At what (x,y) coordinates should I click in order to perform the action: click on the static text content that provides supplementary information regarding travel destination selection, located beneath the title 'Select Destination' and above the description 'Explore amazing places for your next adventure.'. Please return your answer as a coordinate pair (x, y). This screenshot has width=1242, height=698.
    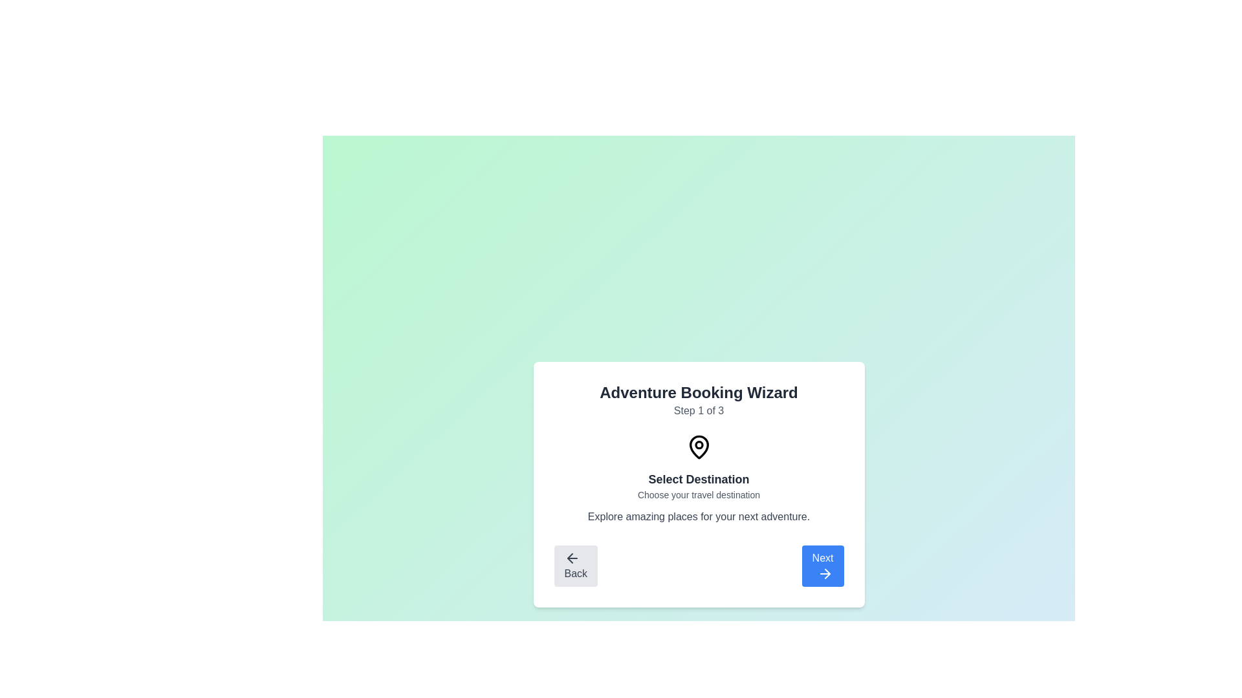
    Looking at the image, I should click on (698, 494).